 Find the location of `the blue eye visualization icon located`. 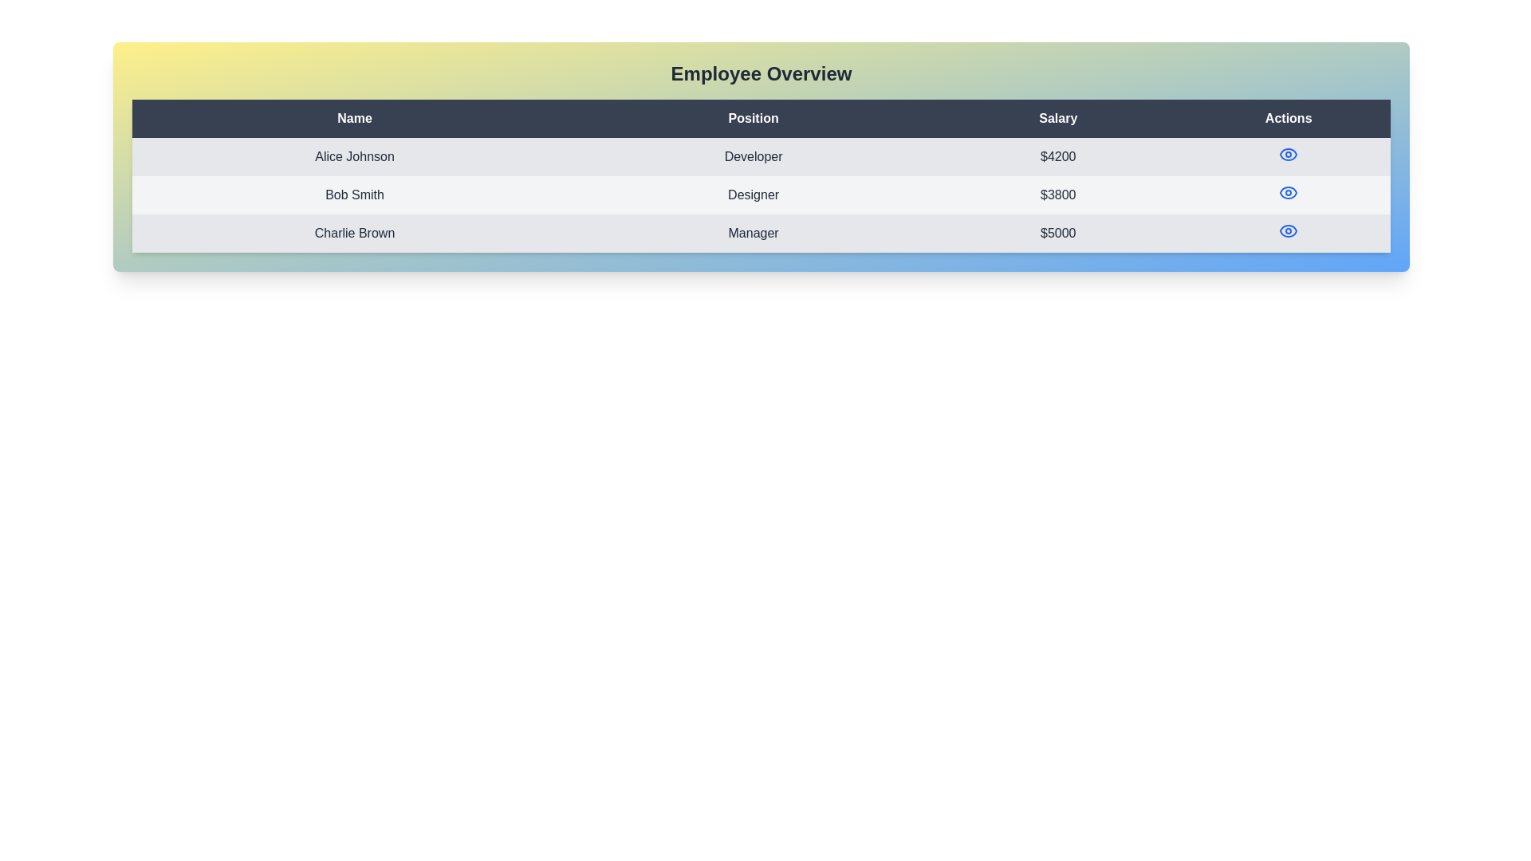

the blue eye visualization icon located is located at coordinates (1289, 154).